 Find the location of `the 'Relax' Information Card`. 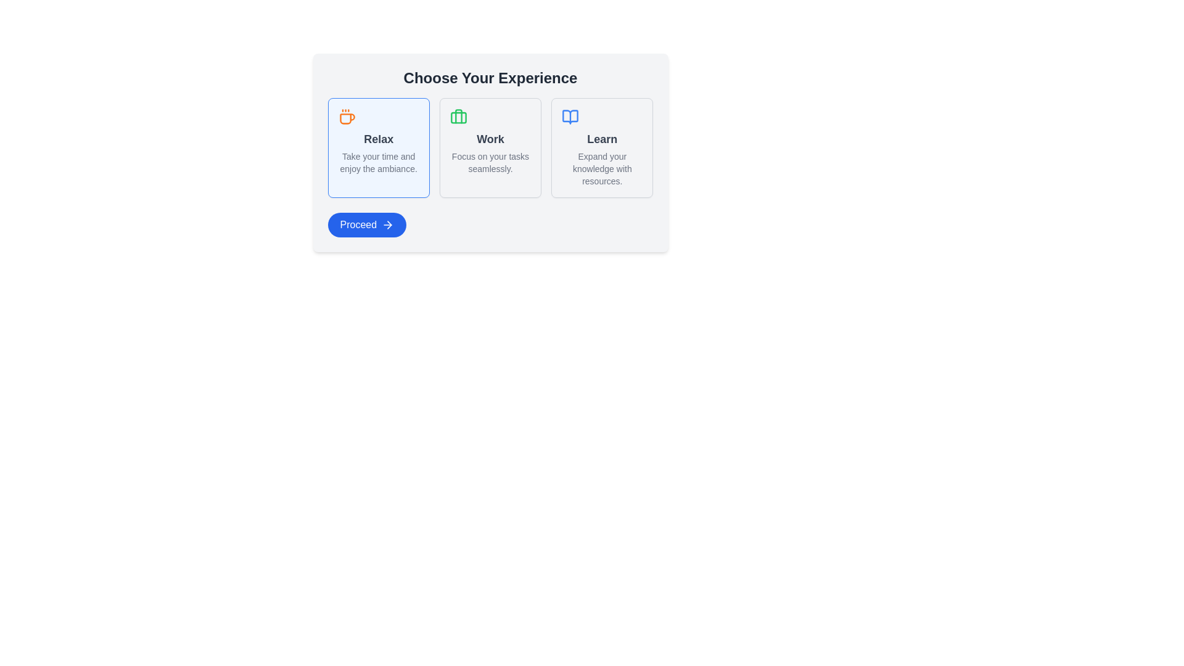

the 'Relax' Information Card is located at coordinates (378, 147).